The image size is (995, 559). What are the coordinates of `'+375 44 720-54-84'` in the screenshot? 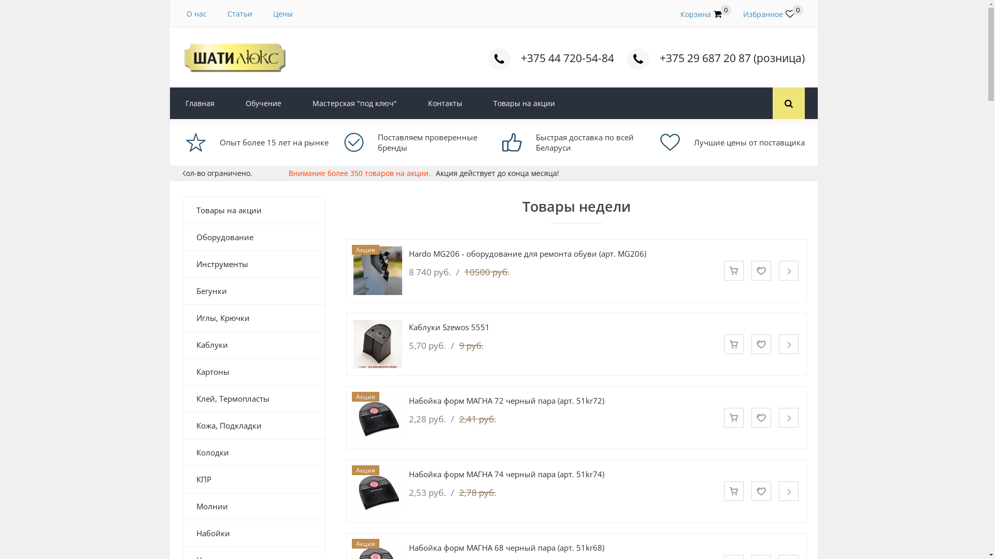 It's located at (566, 57).